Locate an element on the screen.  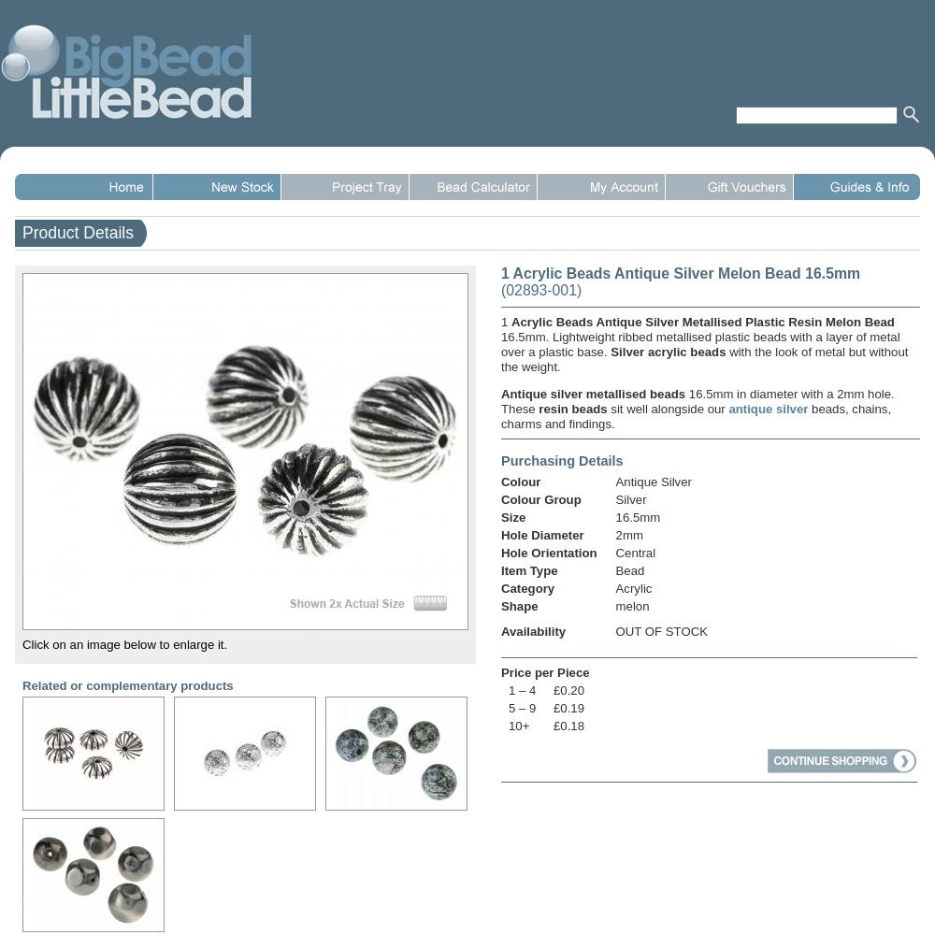
'(02893-001)' is located at coordinates (540, 290).